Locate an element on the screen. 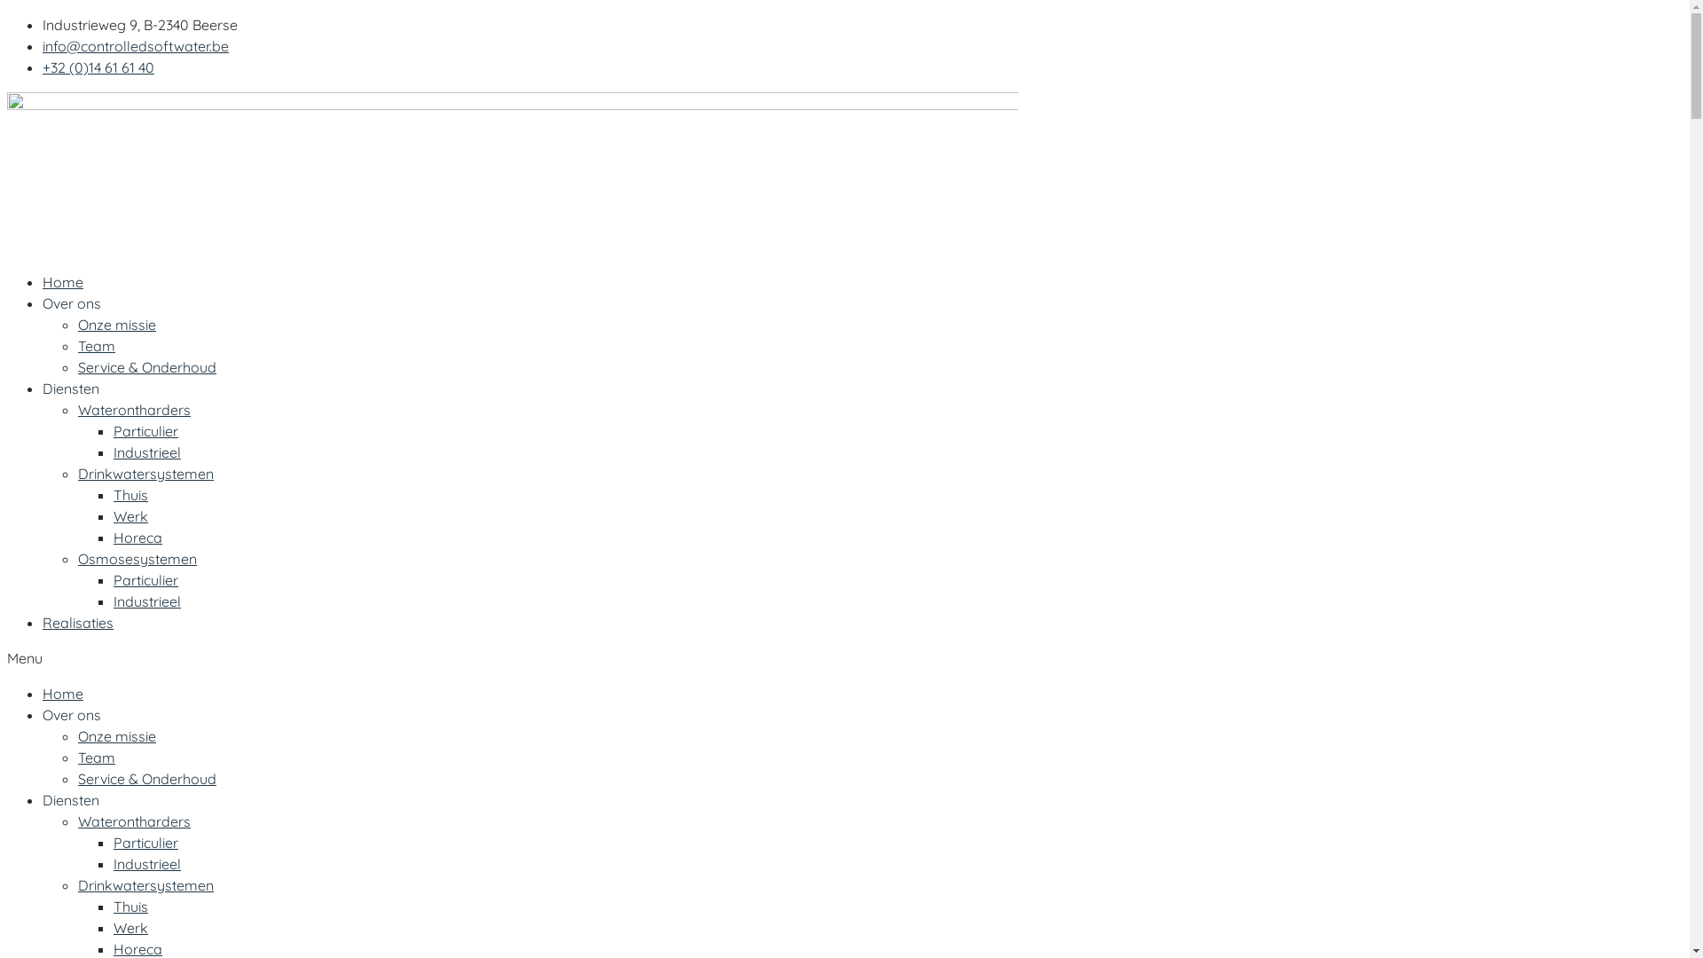 The width and height of the screenshot is (1703, 958). 'Realisaties' is located at coordinates (76, 622).